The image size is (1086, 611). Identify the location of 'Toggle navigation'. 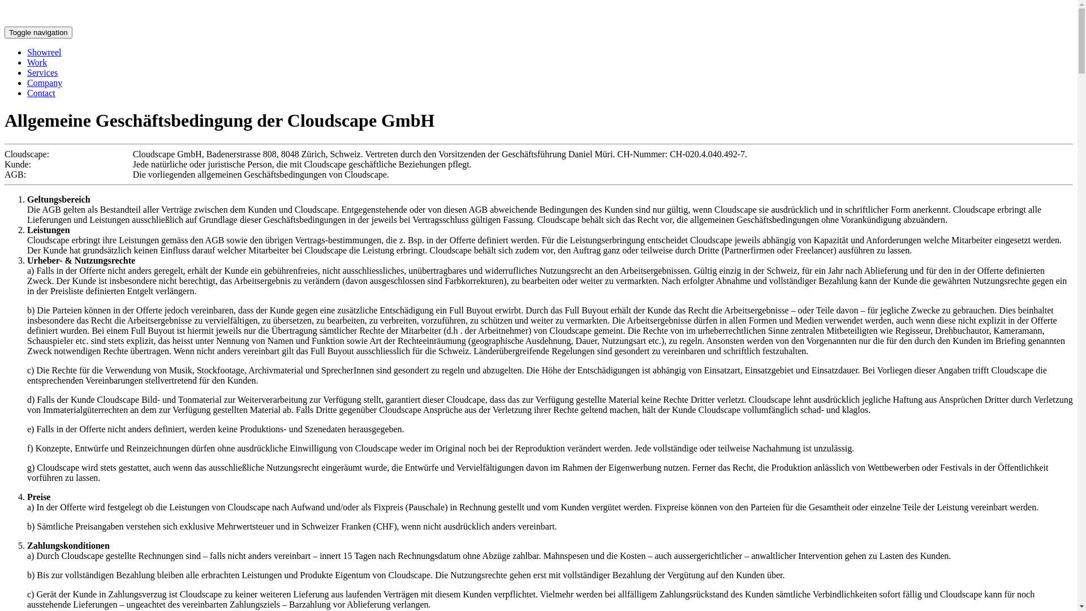
(38, 32).